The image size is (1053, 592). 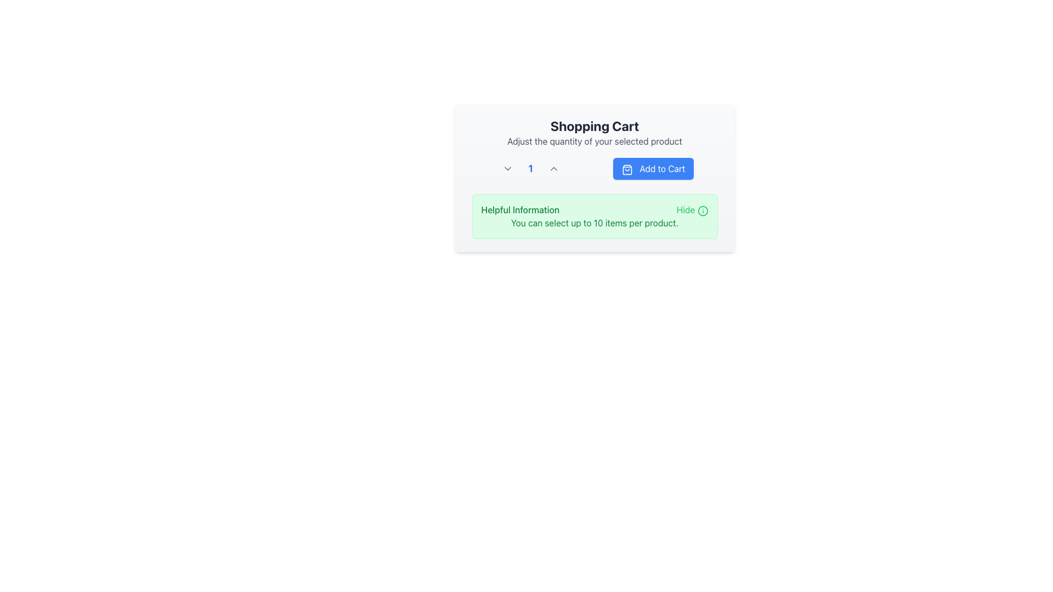 I want to click on the Text Label that serves as a header for the green background area, located in the upper-left corner below the 'Shopping Cart' header, so click(x=519, y=209).